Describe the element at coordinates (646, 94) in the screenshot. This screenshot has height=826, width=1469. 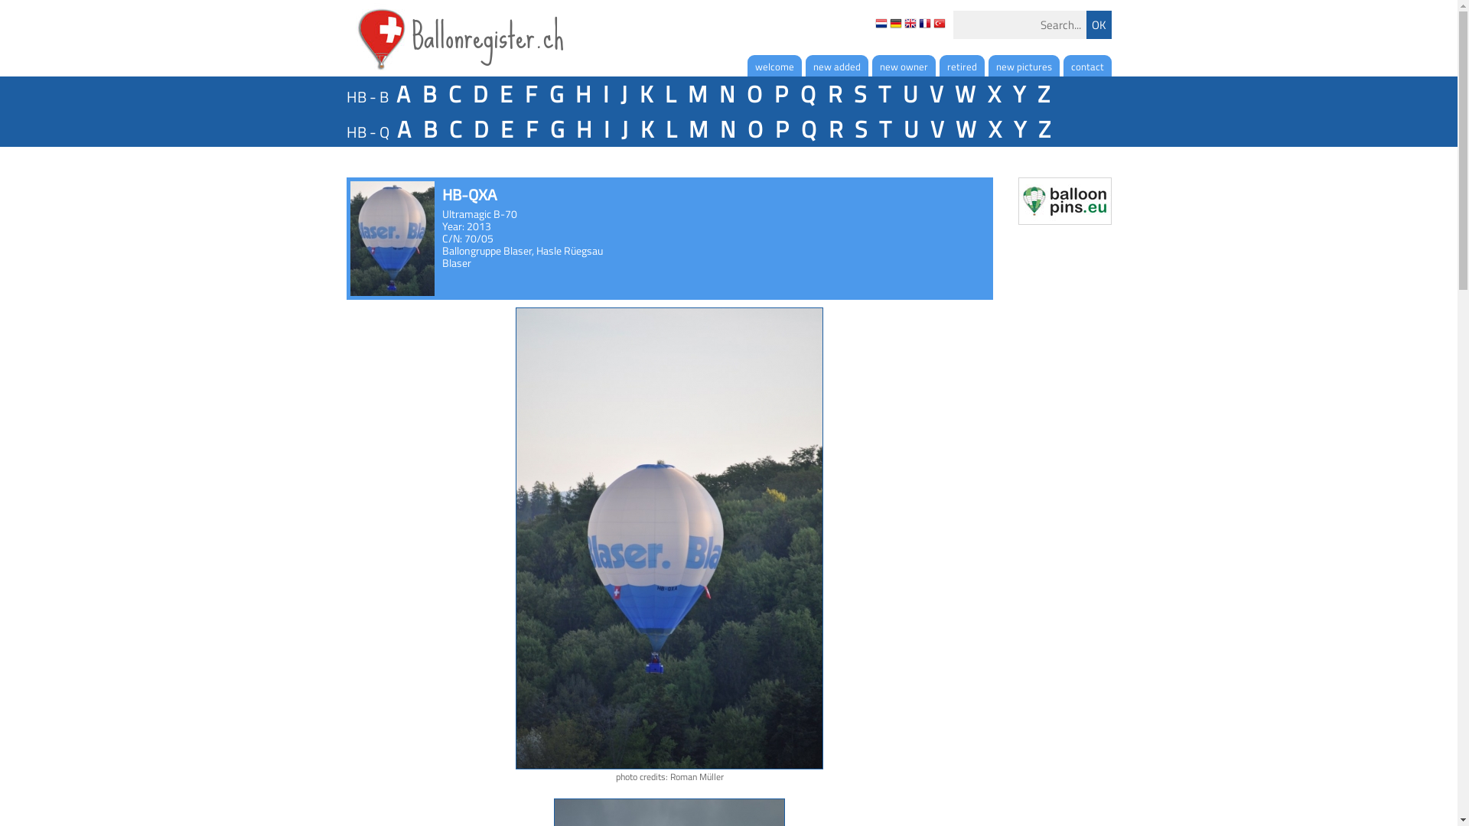
I see `'K'` at that location.